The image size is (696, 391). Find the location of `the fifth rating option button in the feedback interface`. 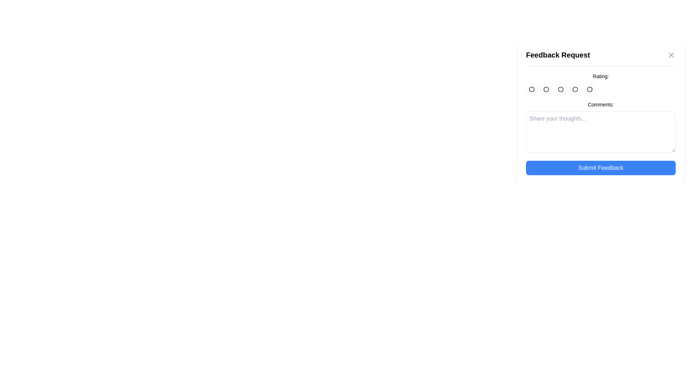

the fifth rating option button in the feedback interface is located at coordinates (590, 89).